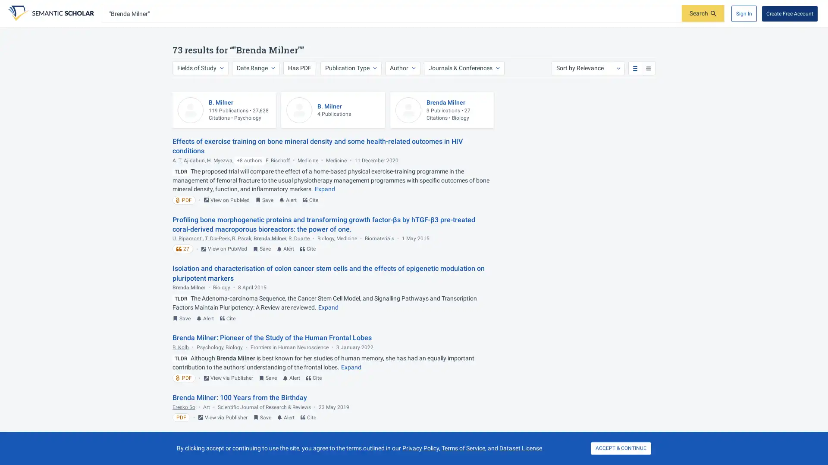 The width and height of the screenshot is (828, 465). Describe the element at coordinates (249, 161) in the screenshot. I see `+8 authors` at that location.